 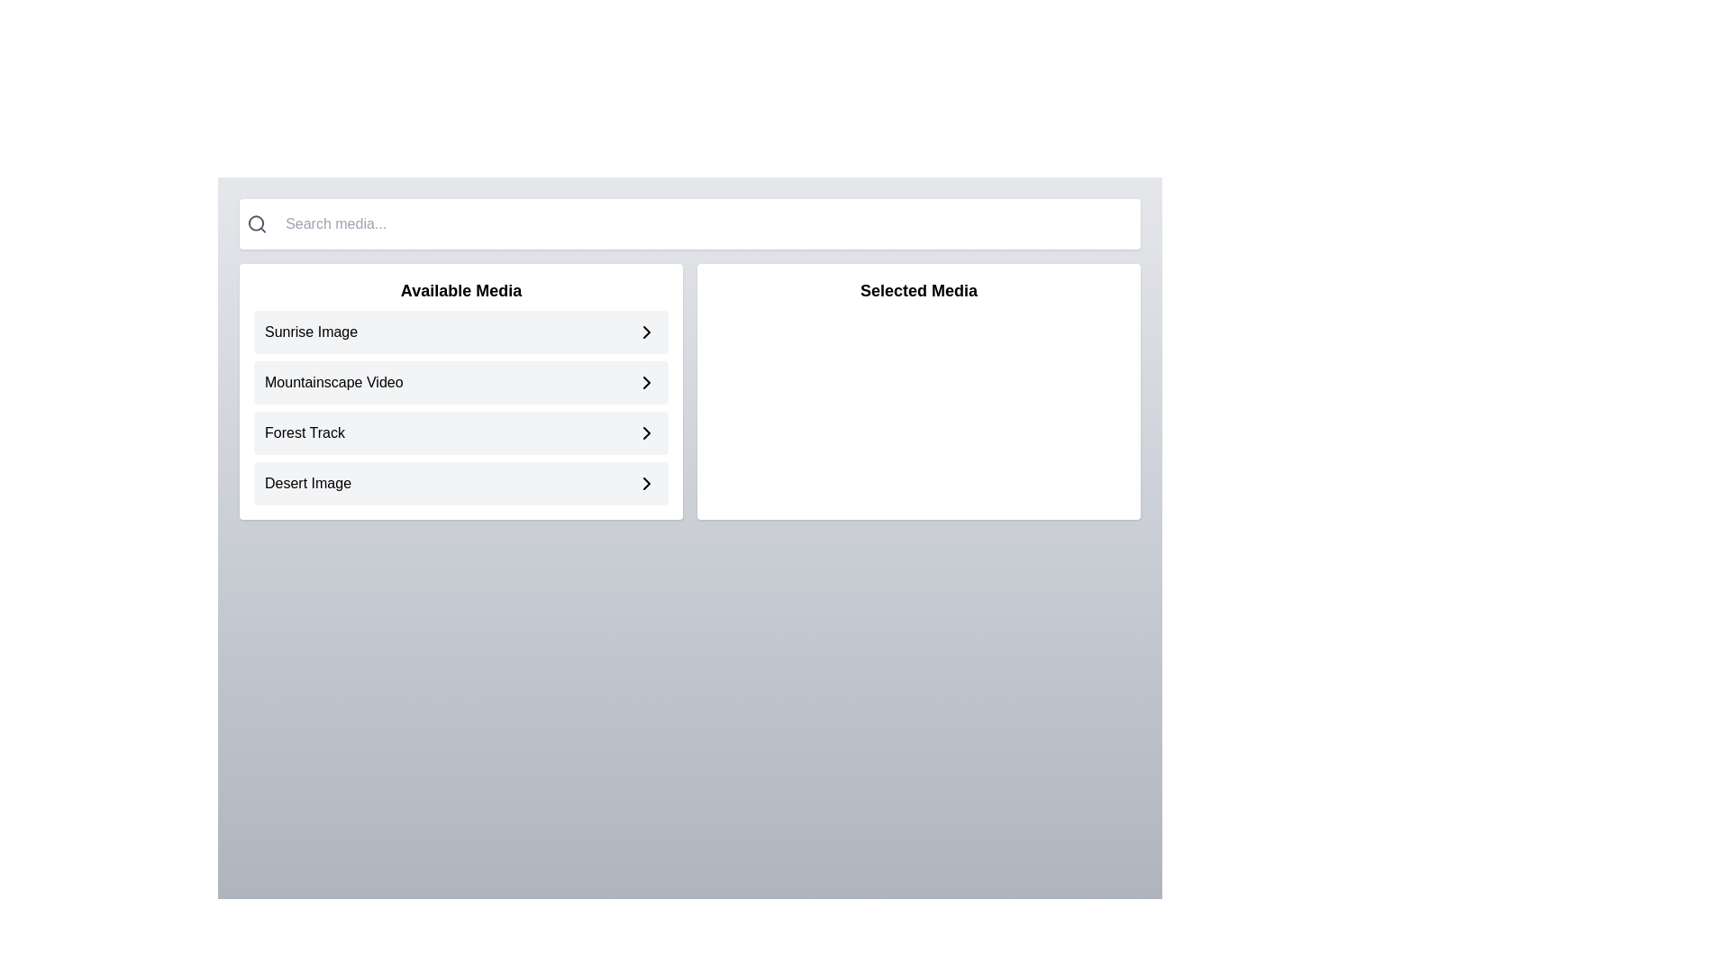 What do you see at coordinates (461, 381) in the screenshot?
I see `the 'Mountainscape Video' list item in the 'Available Media' section` at bounding box center [461, 381].